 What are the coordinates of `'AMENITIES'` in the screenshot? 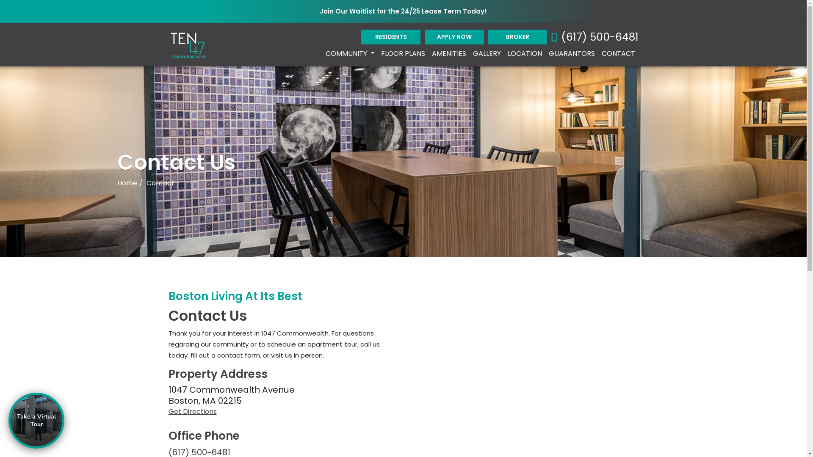 It's located at (448, 53).